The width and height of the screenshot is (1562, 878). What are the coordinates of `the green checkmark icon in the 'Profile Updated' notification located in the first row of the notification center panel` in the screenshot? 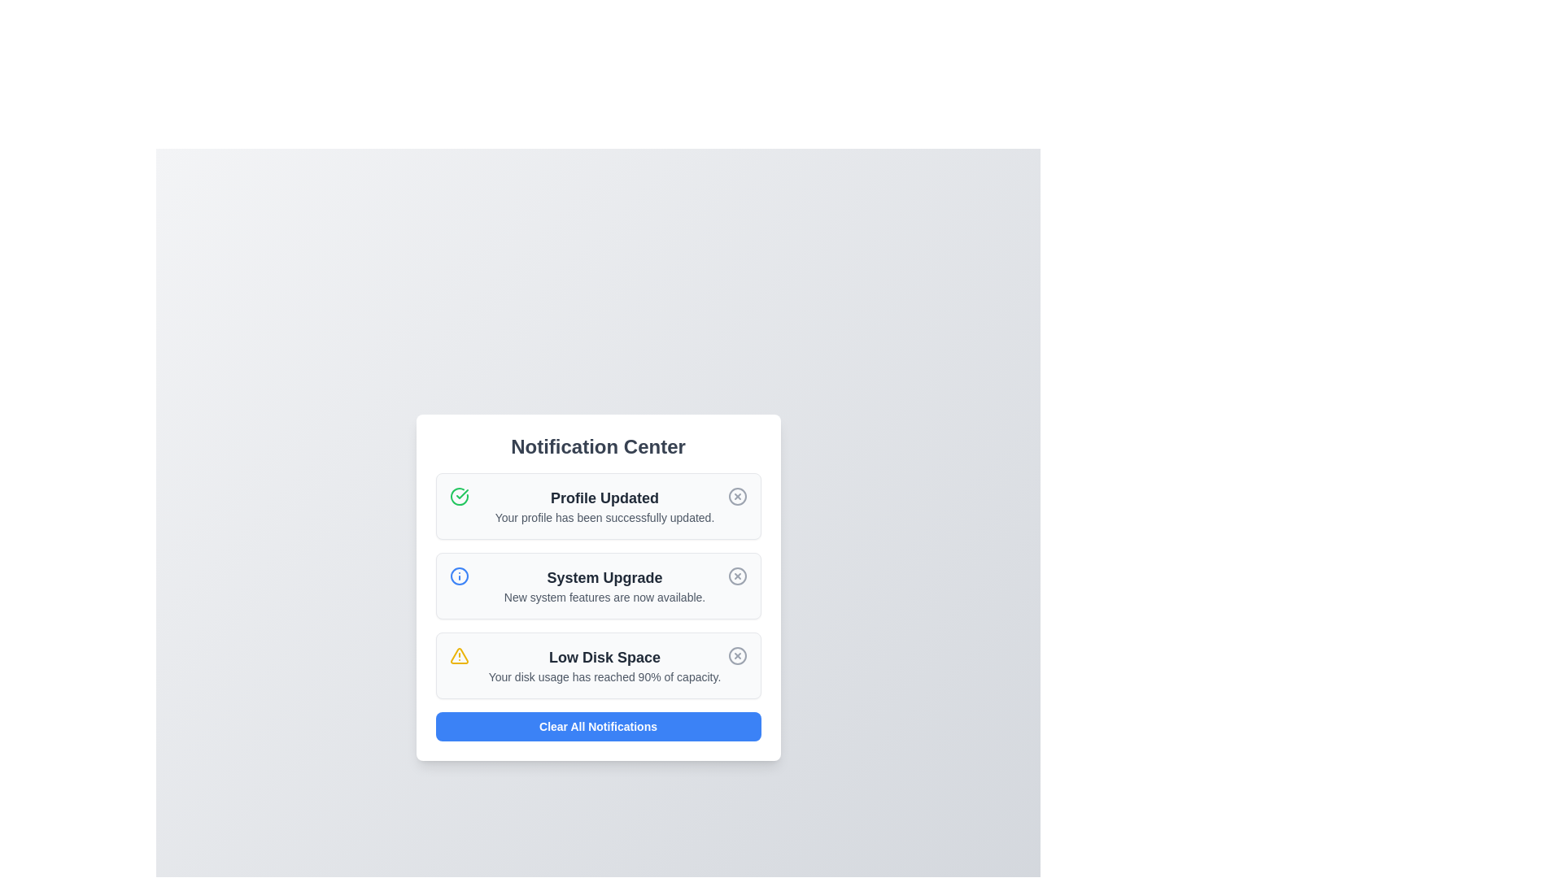 It's located at (460, 493).